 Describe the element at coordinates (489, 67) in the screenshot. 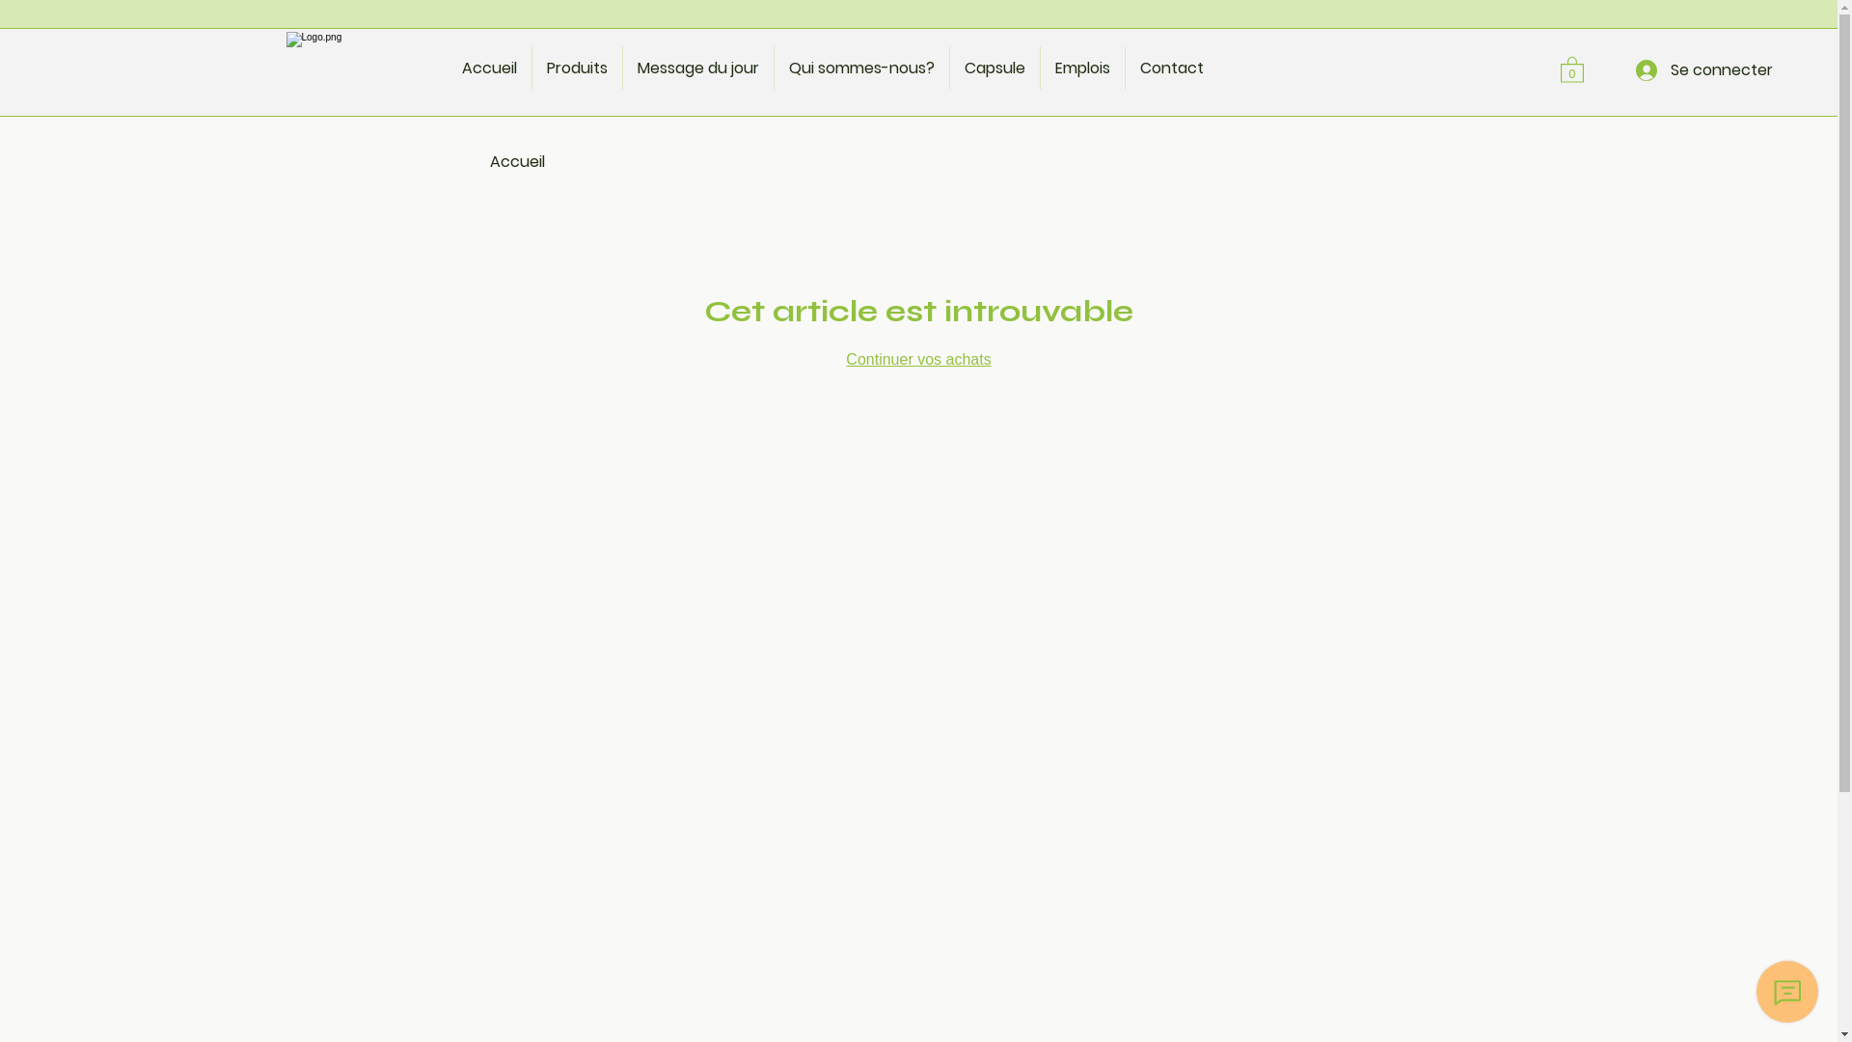

I see `'Accueil'` at that location.